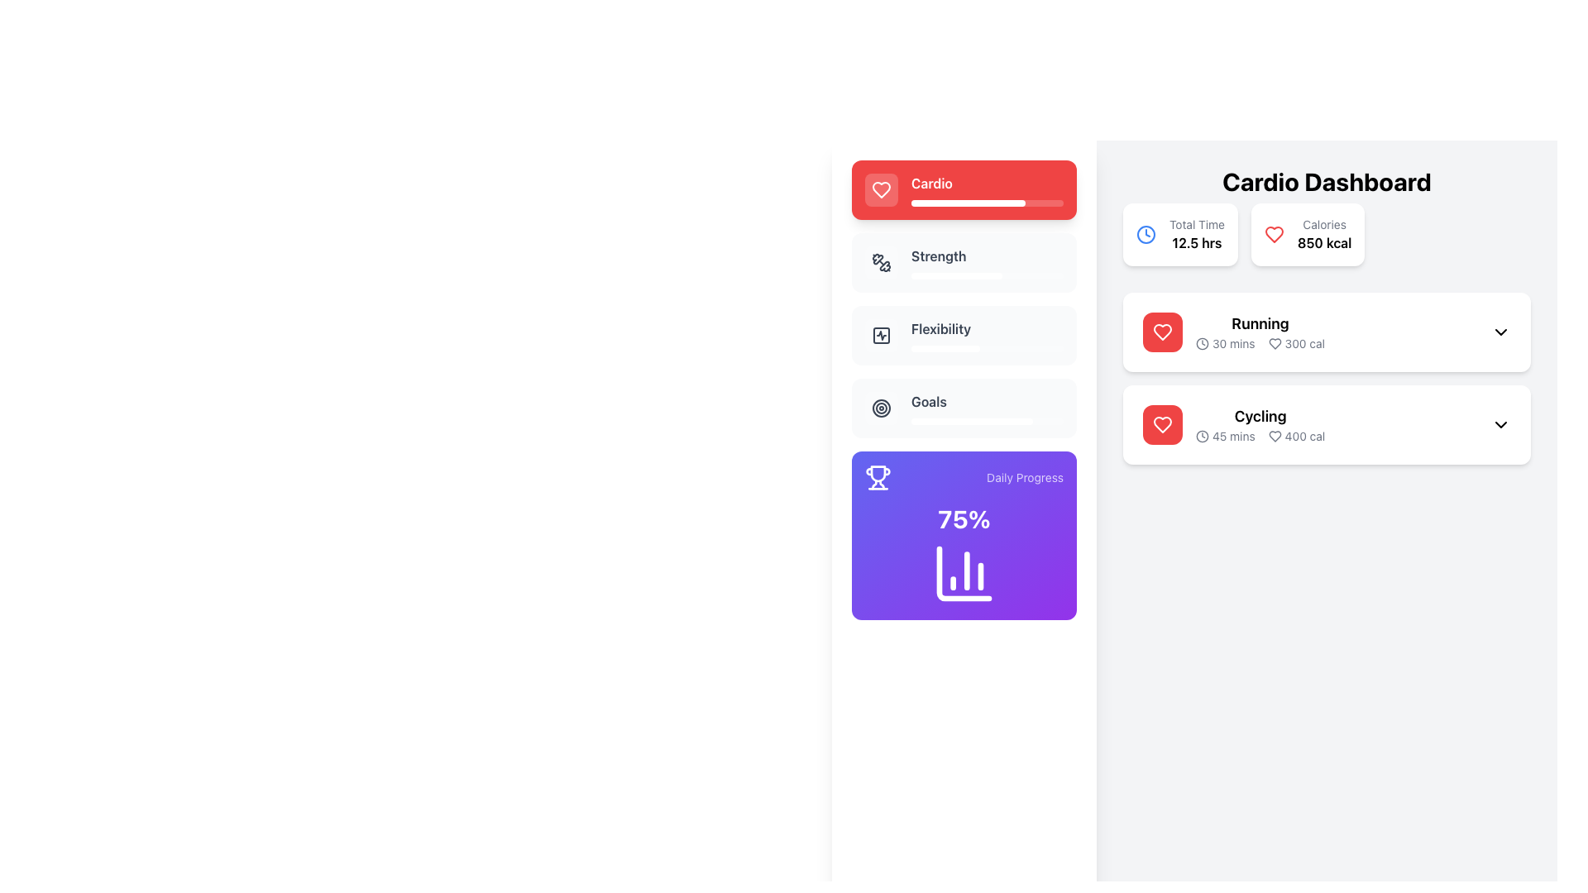 The width and height of the screenshot is (1588, 893). Describe the element at coordinates (1234, 423) in the screenshot. I see `to select the 'Cycling' activity card in the 'Cardio Dashboard' section, which is the second item in the activity cards stack` at that location.